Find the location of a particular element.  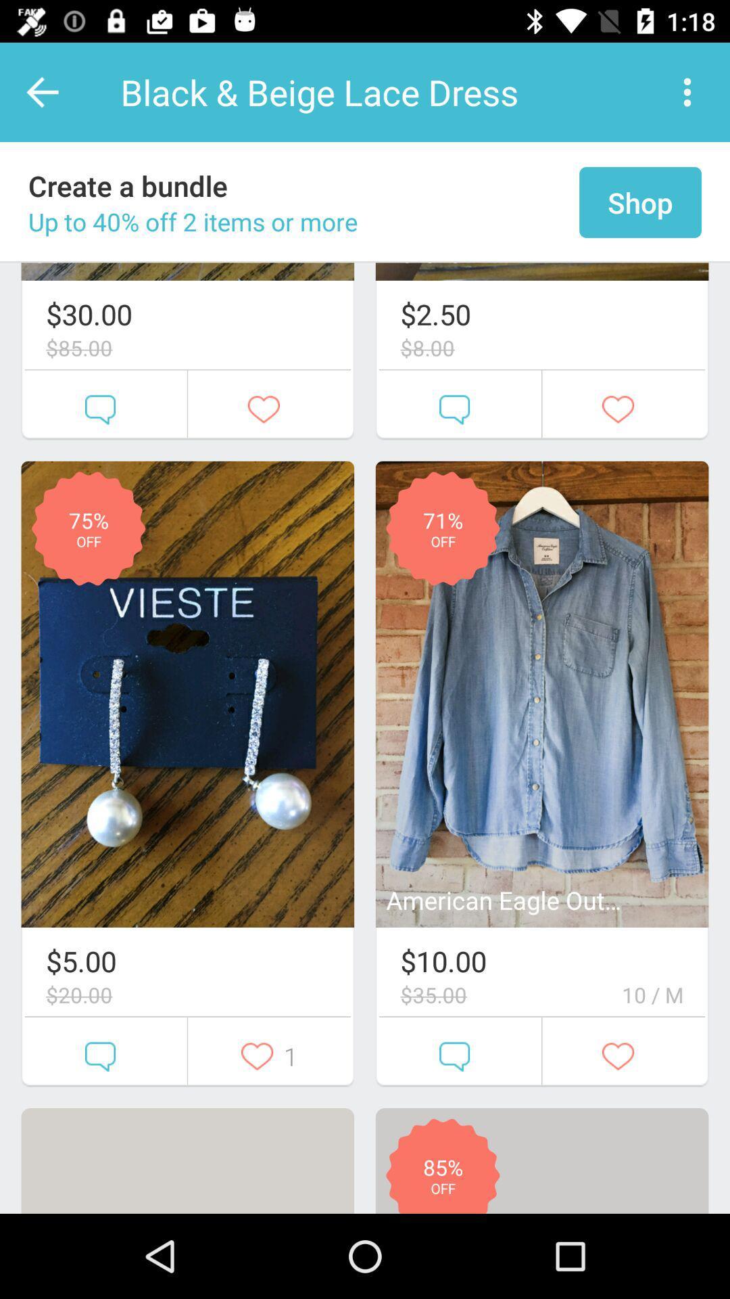

the second button below the first image is located at coordinates (269, 1051).